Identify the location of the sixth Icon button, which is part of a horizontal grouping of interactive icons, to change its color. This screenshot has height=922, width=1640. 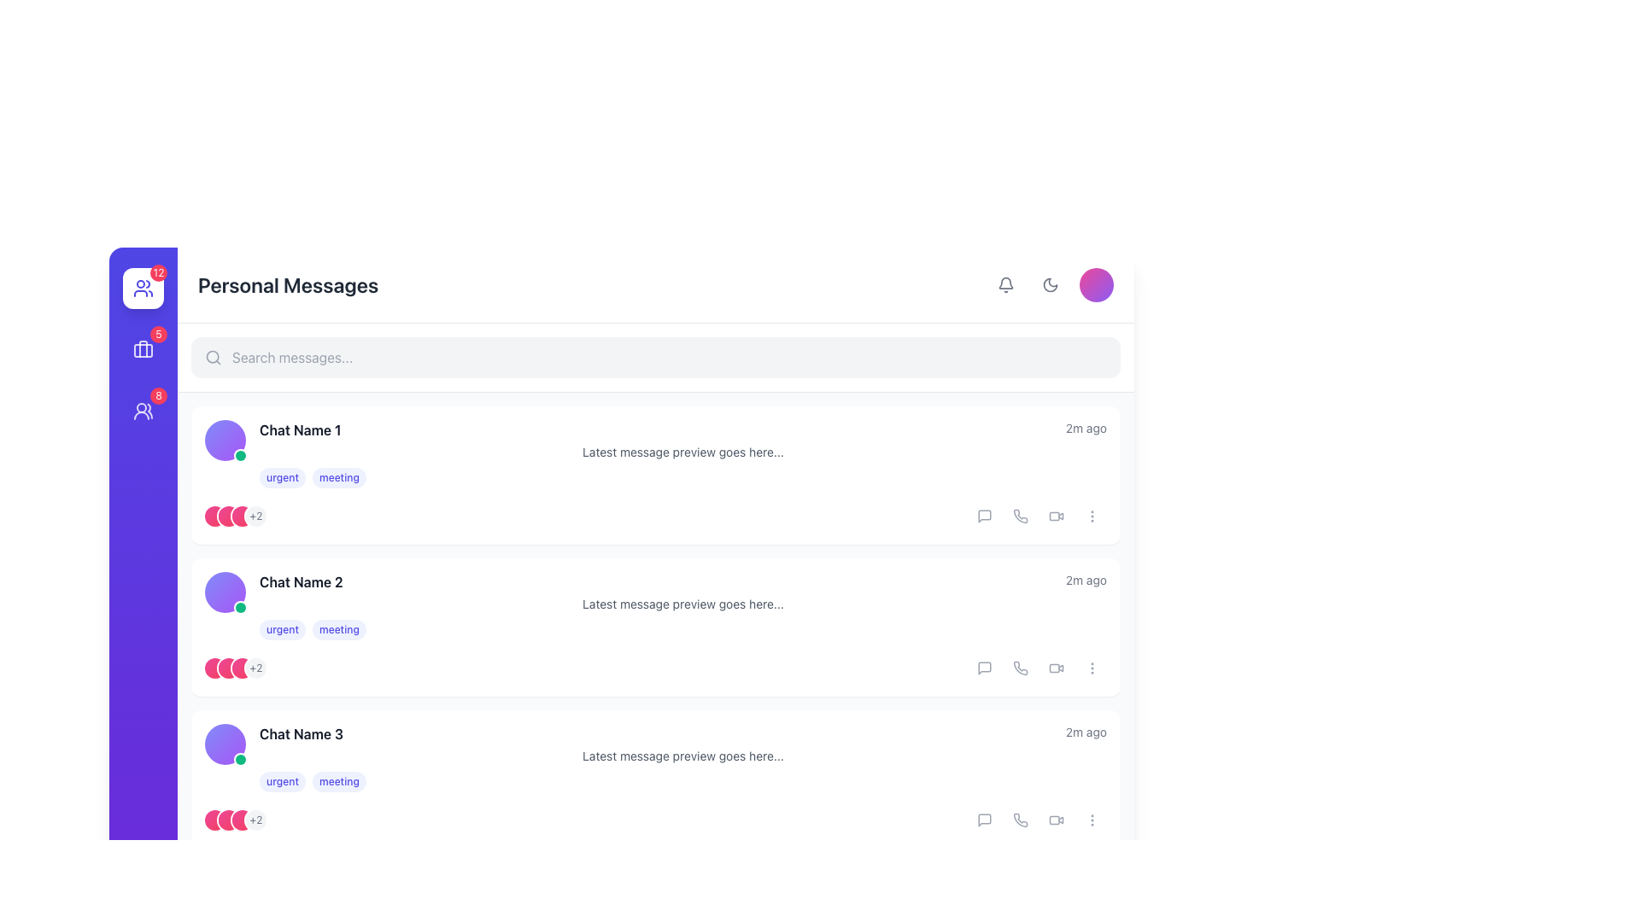
(1056, 819).